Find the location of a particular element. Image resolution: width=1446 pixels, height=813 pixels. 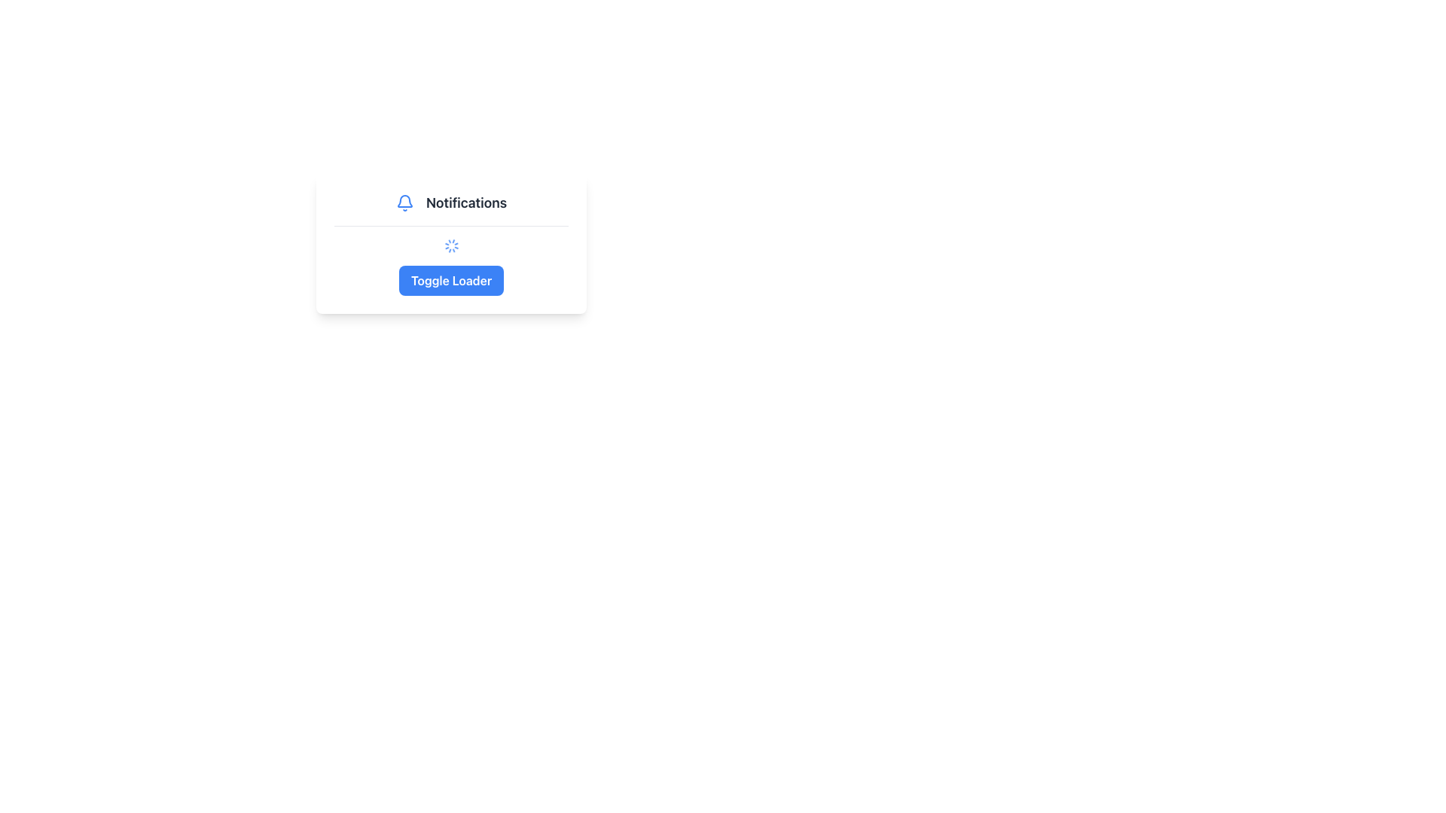

the spinning loader icon, which is styled as a circular progress indicator in blue and white, located in the middle of the notification interface is located at coordinates (450, 245).